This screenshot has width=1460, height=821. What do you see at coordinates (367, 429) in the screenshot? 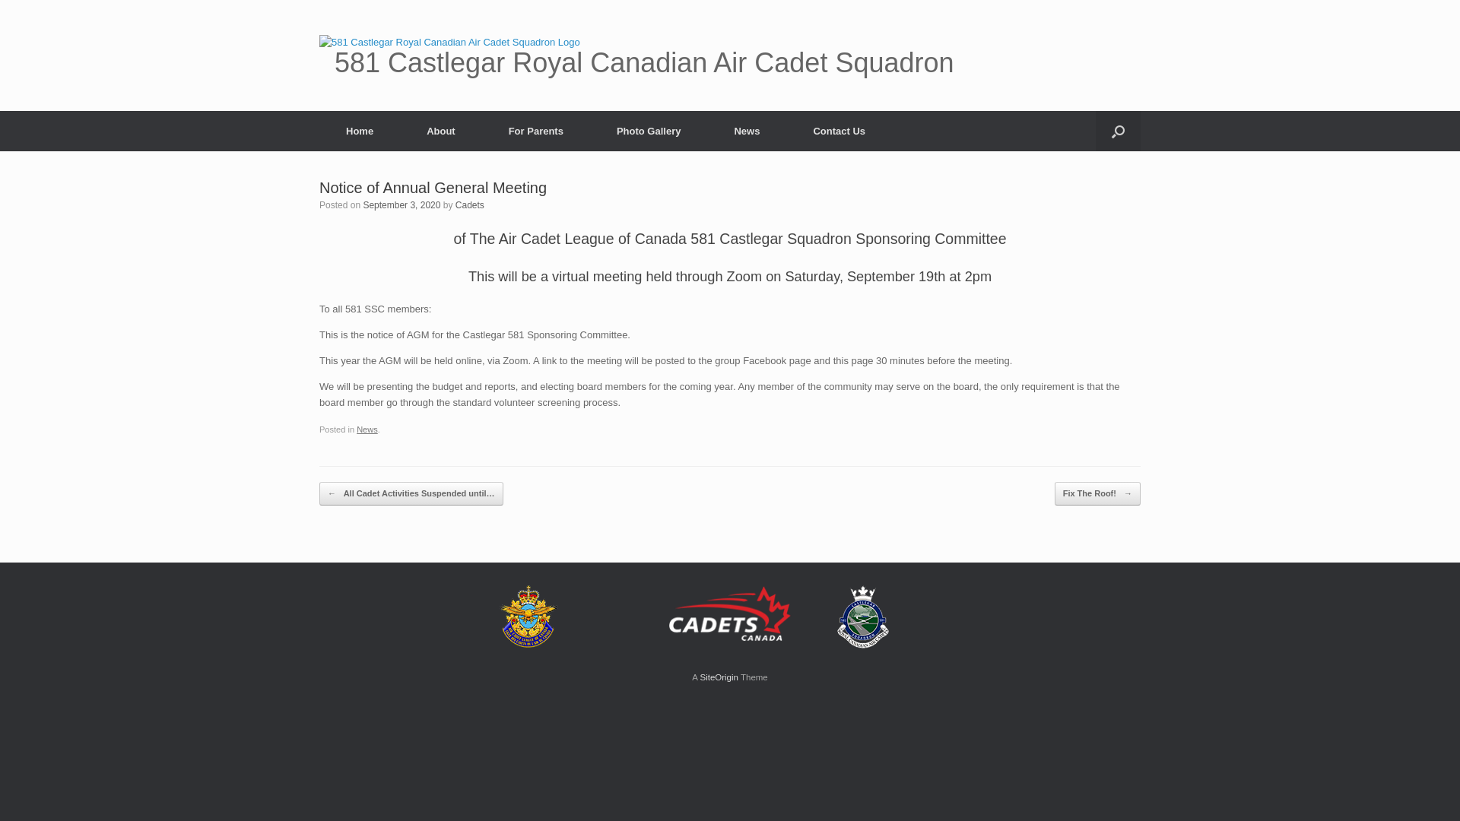
I see `'News'` at bounding box center [367, 429].